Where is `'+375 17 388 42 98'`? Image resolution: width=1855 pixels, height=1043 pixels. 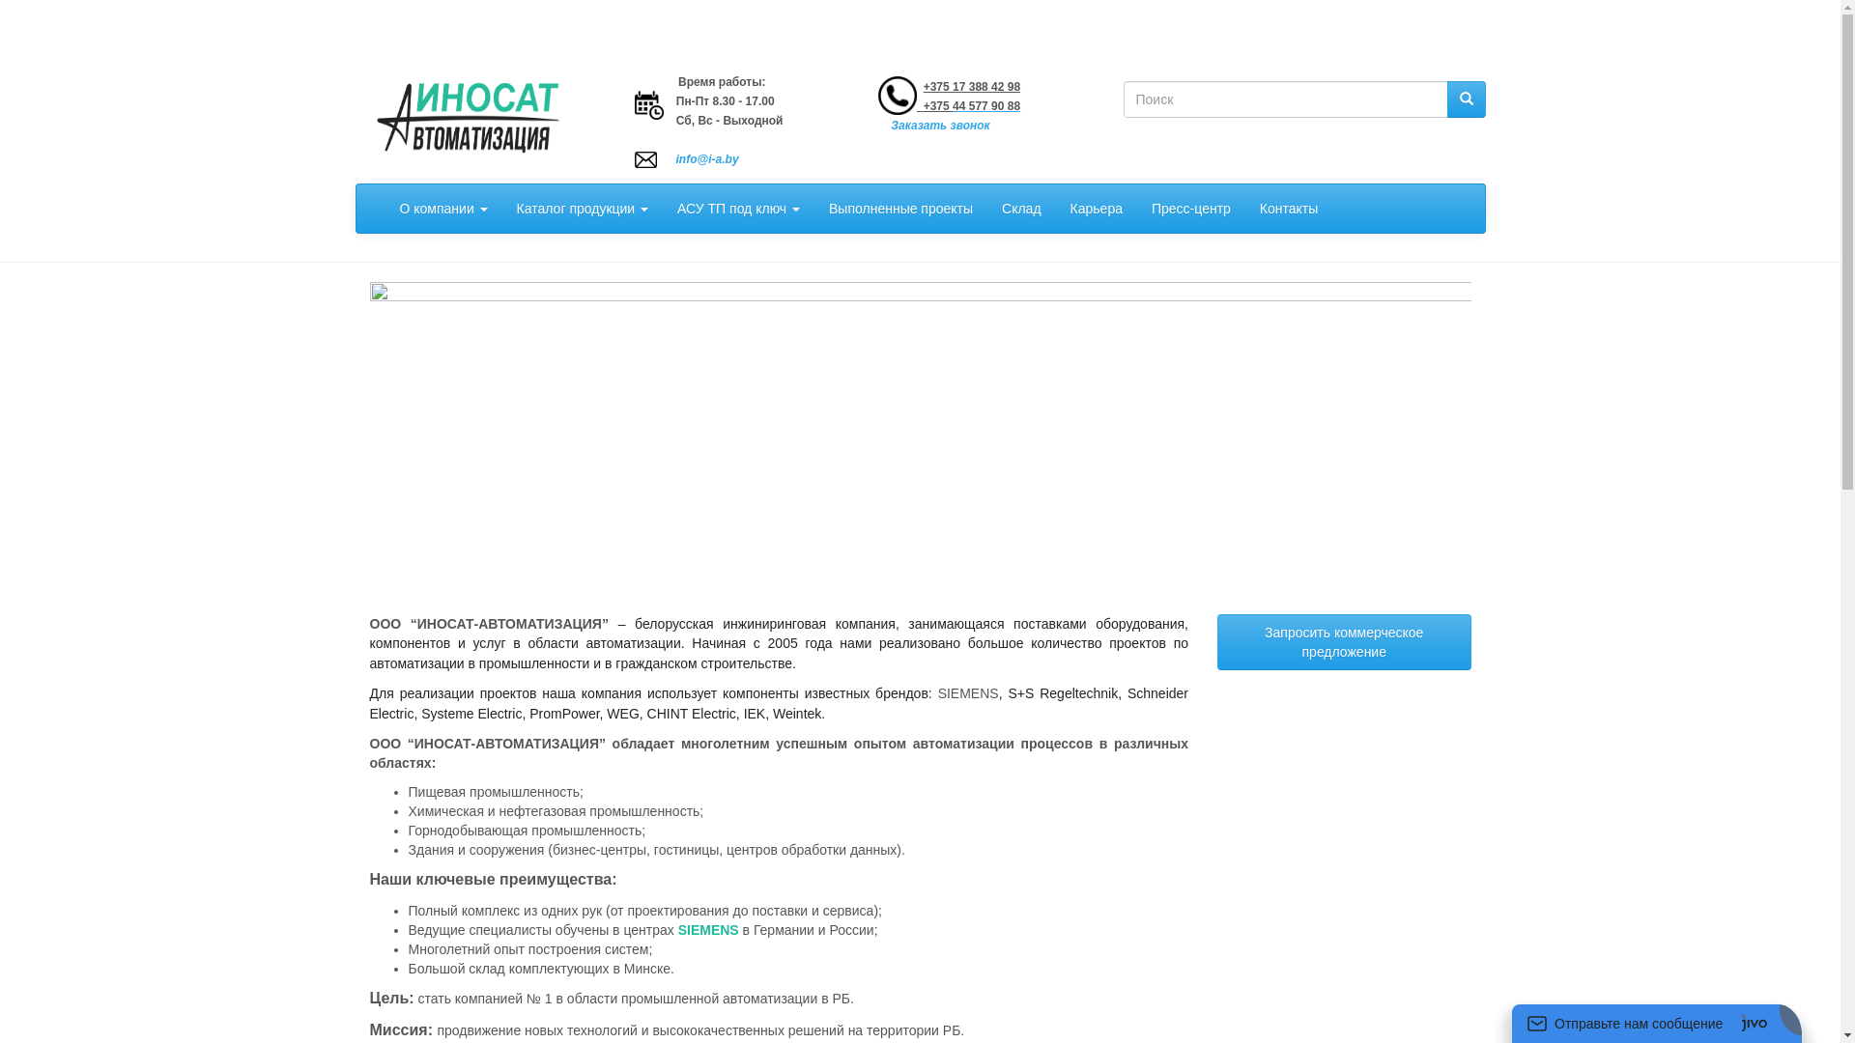
'+375 17 388 42 98' is located at coordinates (972, 85).